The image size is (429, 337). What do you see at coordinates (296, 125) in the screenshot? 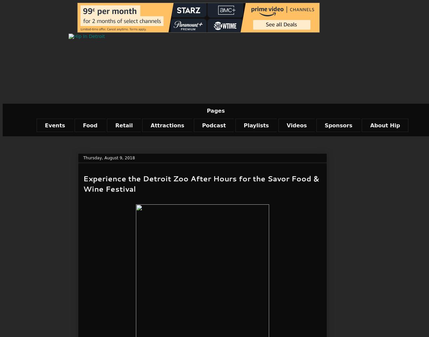
I see `'Videos'` at bounding box center [296, 125].